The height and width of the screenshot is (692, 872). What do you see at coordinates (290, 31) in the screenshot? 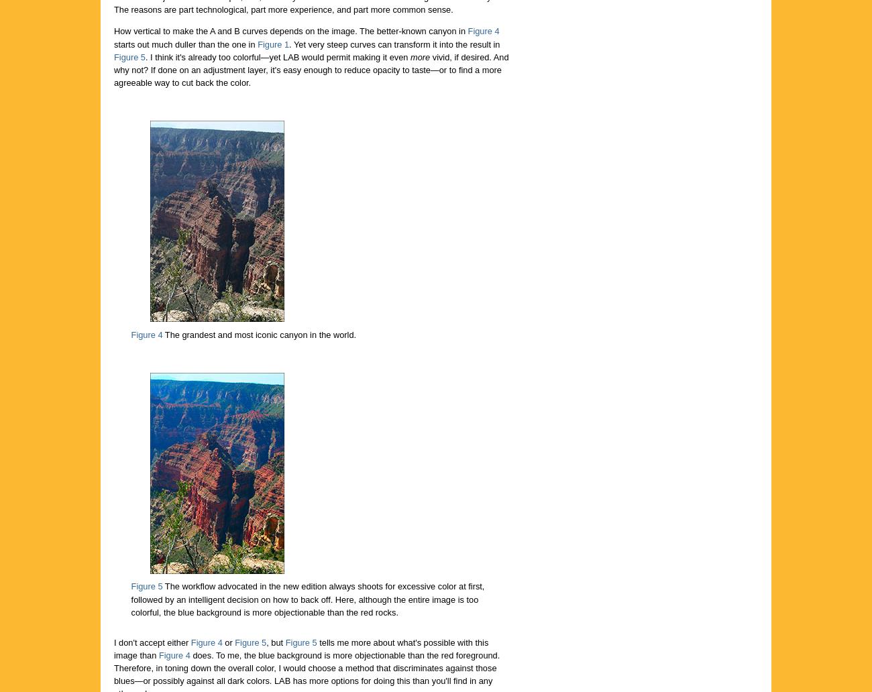
I see `'How vertical to make the A and B curves depends on the image. The better-known canyon in'` at bounding box center [290, 31].